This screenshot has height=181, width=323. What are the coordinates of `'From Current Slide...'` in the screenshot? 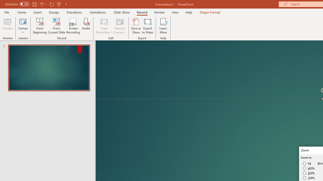 It's located at (57, 26).